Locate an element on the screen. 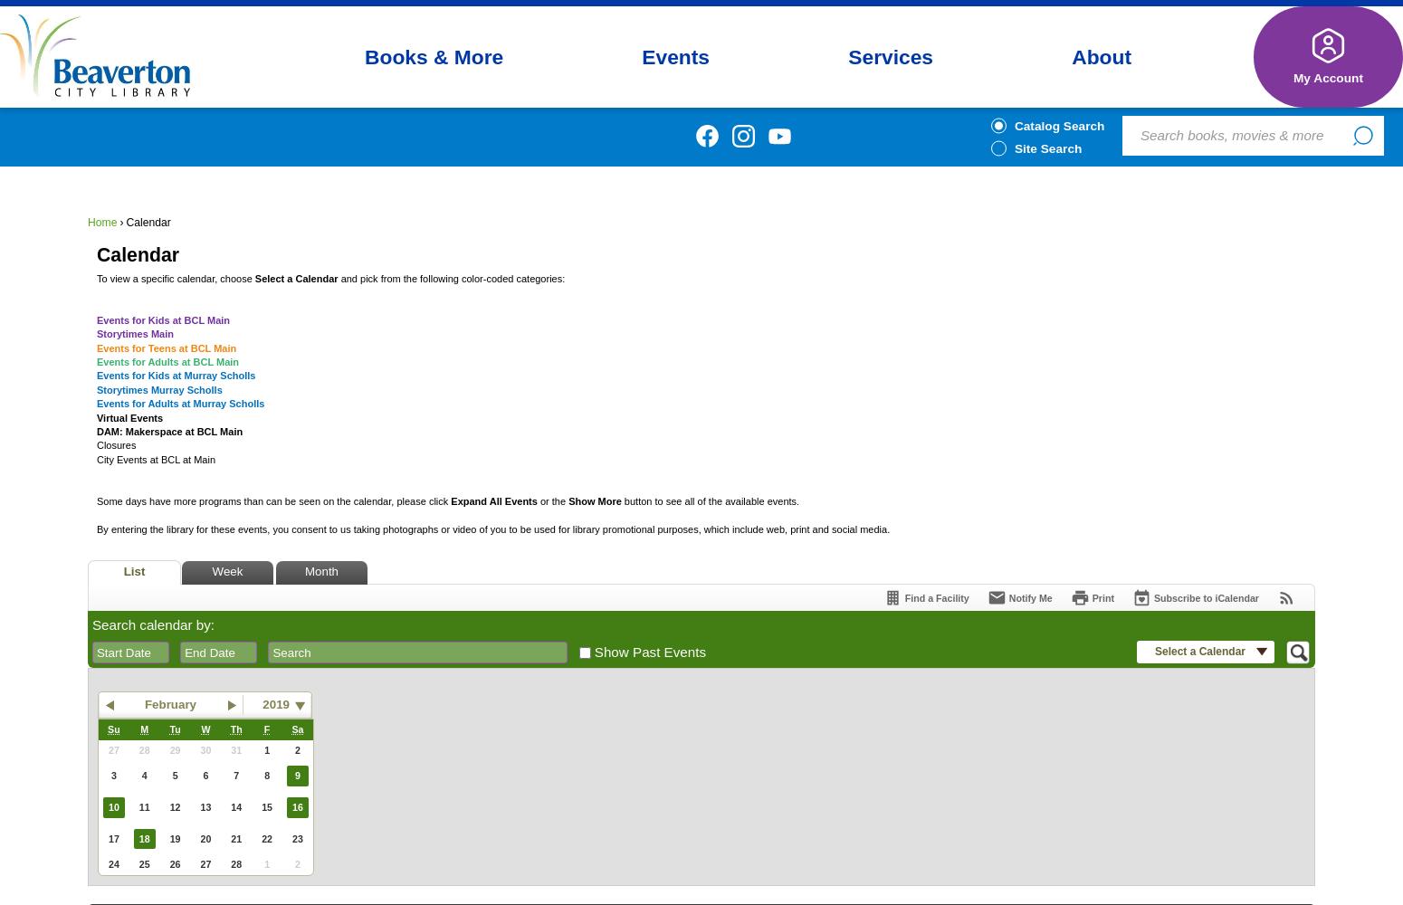  '17' is located at coordinates (112, 838).